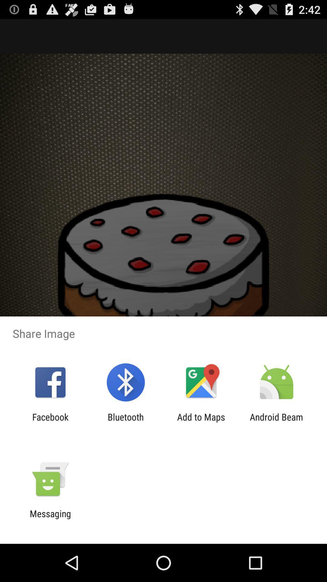 This screenshot has width=327, height=582. Describe the element at coordinates (276, 422) in the screenshot. I see `android beam` at that location.